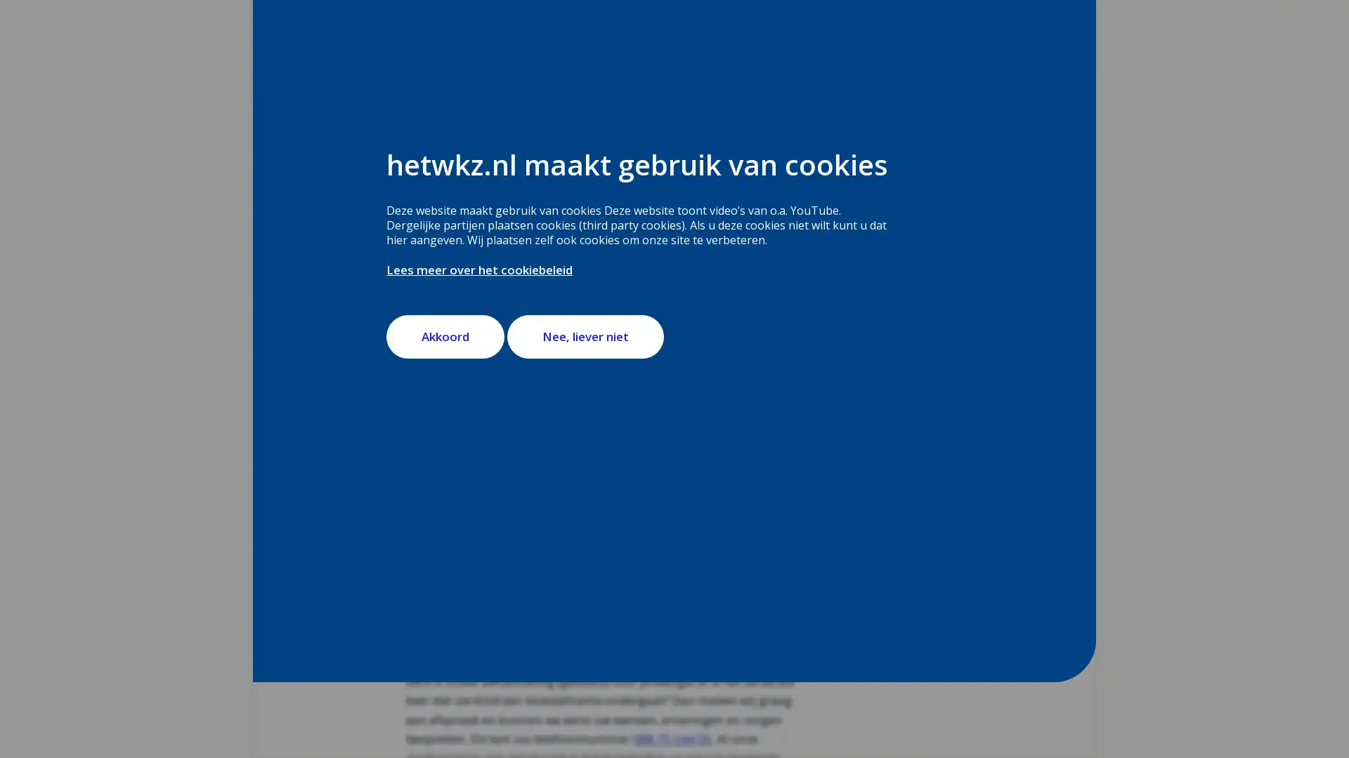  Describe the element at coordinates (467, 215) in the screenshot. I see `ReadSpeaker webReader: Luister met webReader` at that location.